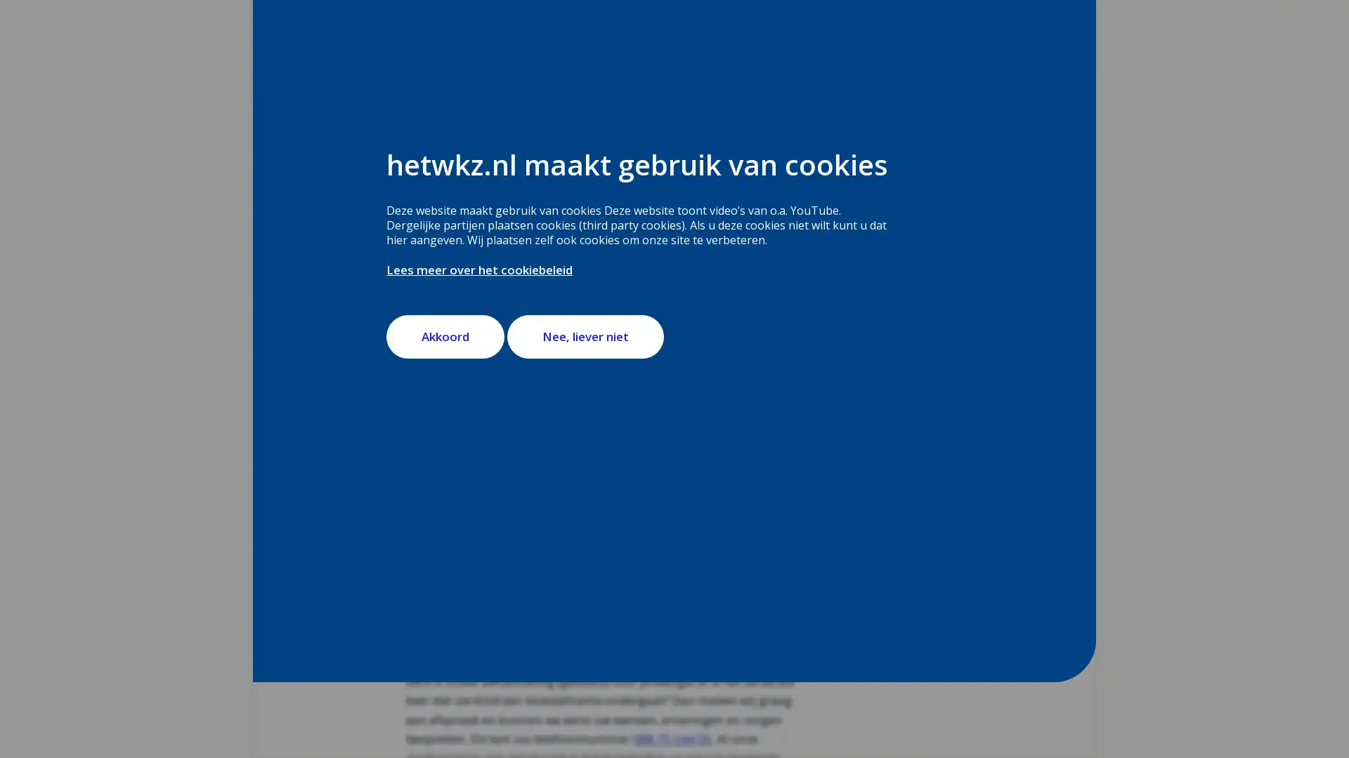  Describe the element at coordinates (467, 215) in the screenshot. I see `ReadSpeaker webReader: Luister met webReader` at that location.